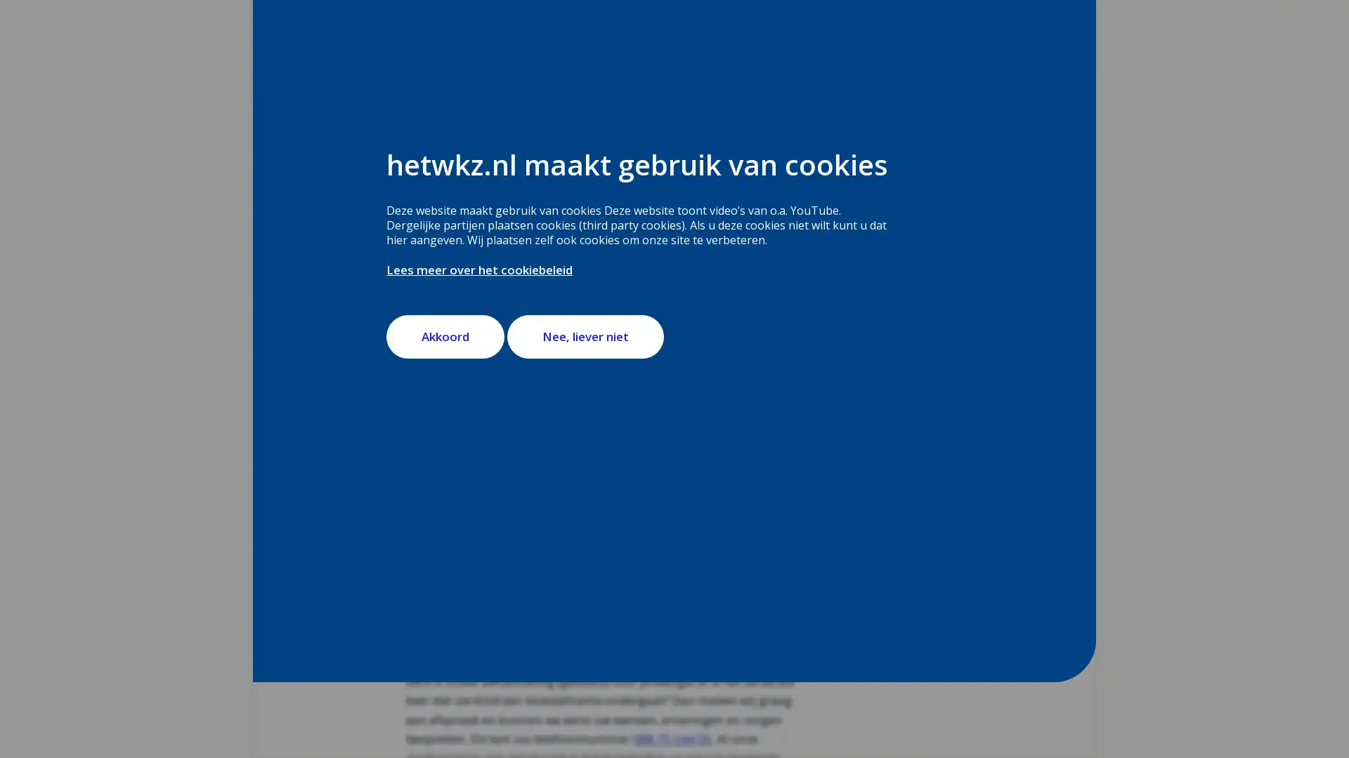  Describe the element at coordinates (467, 215) in the screenshot. I see `ReadSpeaker webReader: Luister met webReader` at that location.